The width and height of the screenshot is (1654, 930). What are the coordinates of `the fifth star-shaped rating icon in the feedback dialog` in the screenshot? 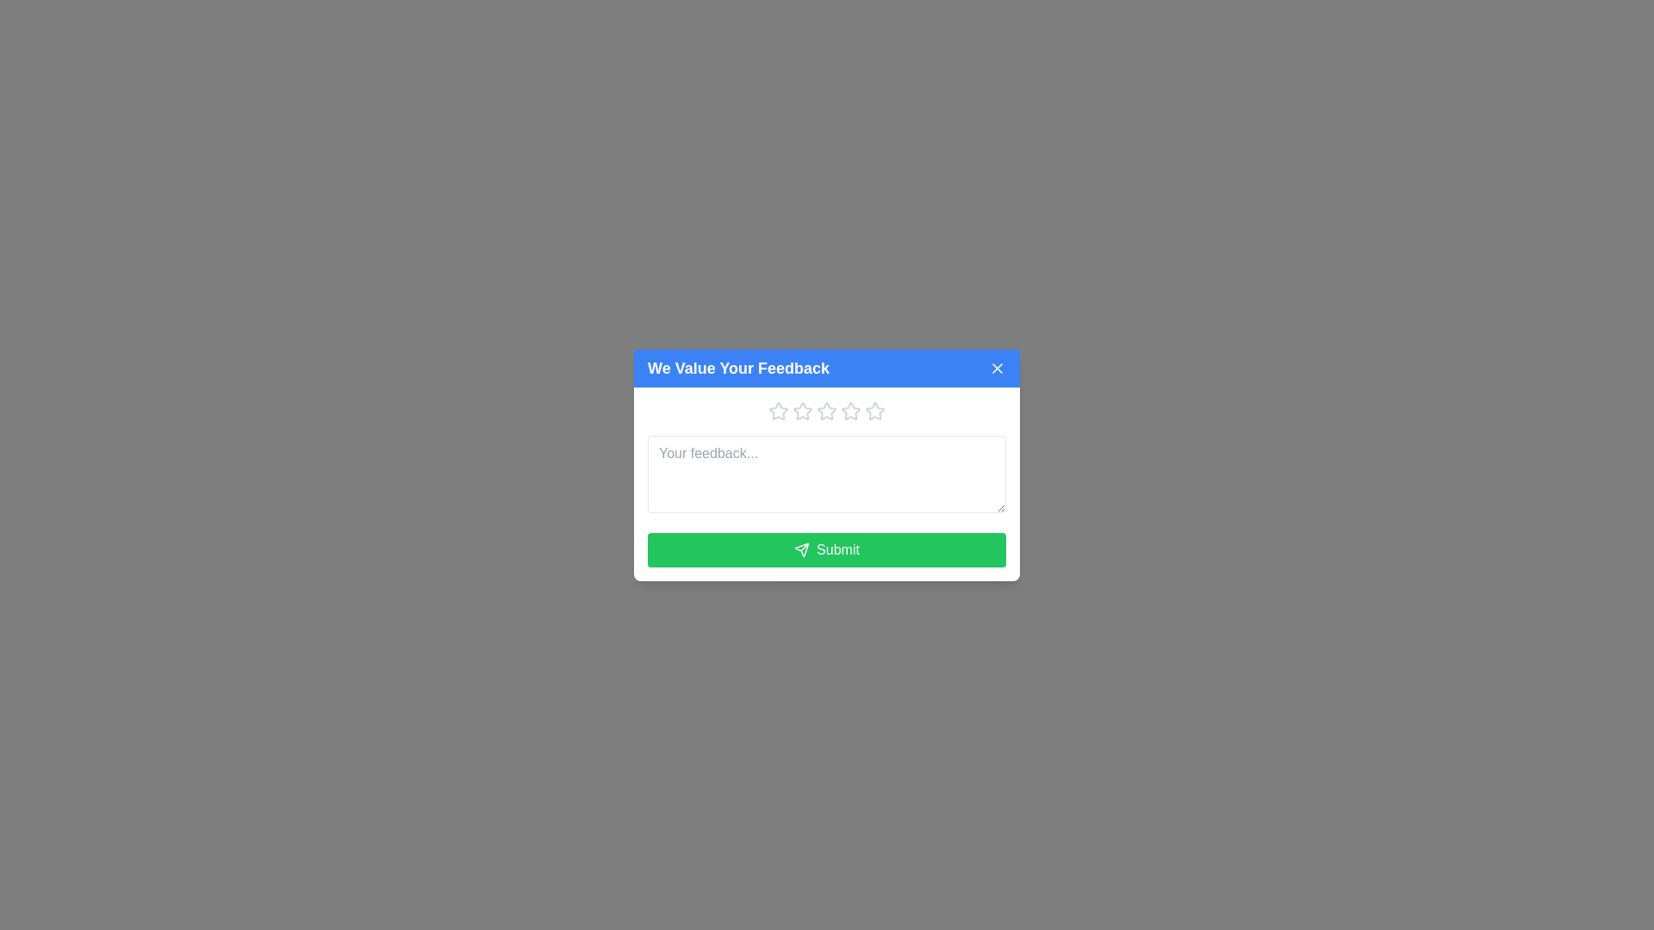 It's located at (875, 411).